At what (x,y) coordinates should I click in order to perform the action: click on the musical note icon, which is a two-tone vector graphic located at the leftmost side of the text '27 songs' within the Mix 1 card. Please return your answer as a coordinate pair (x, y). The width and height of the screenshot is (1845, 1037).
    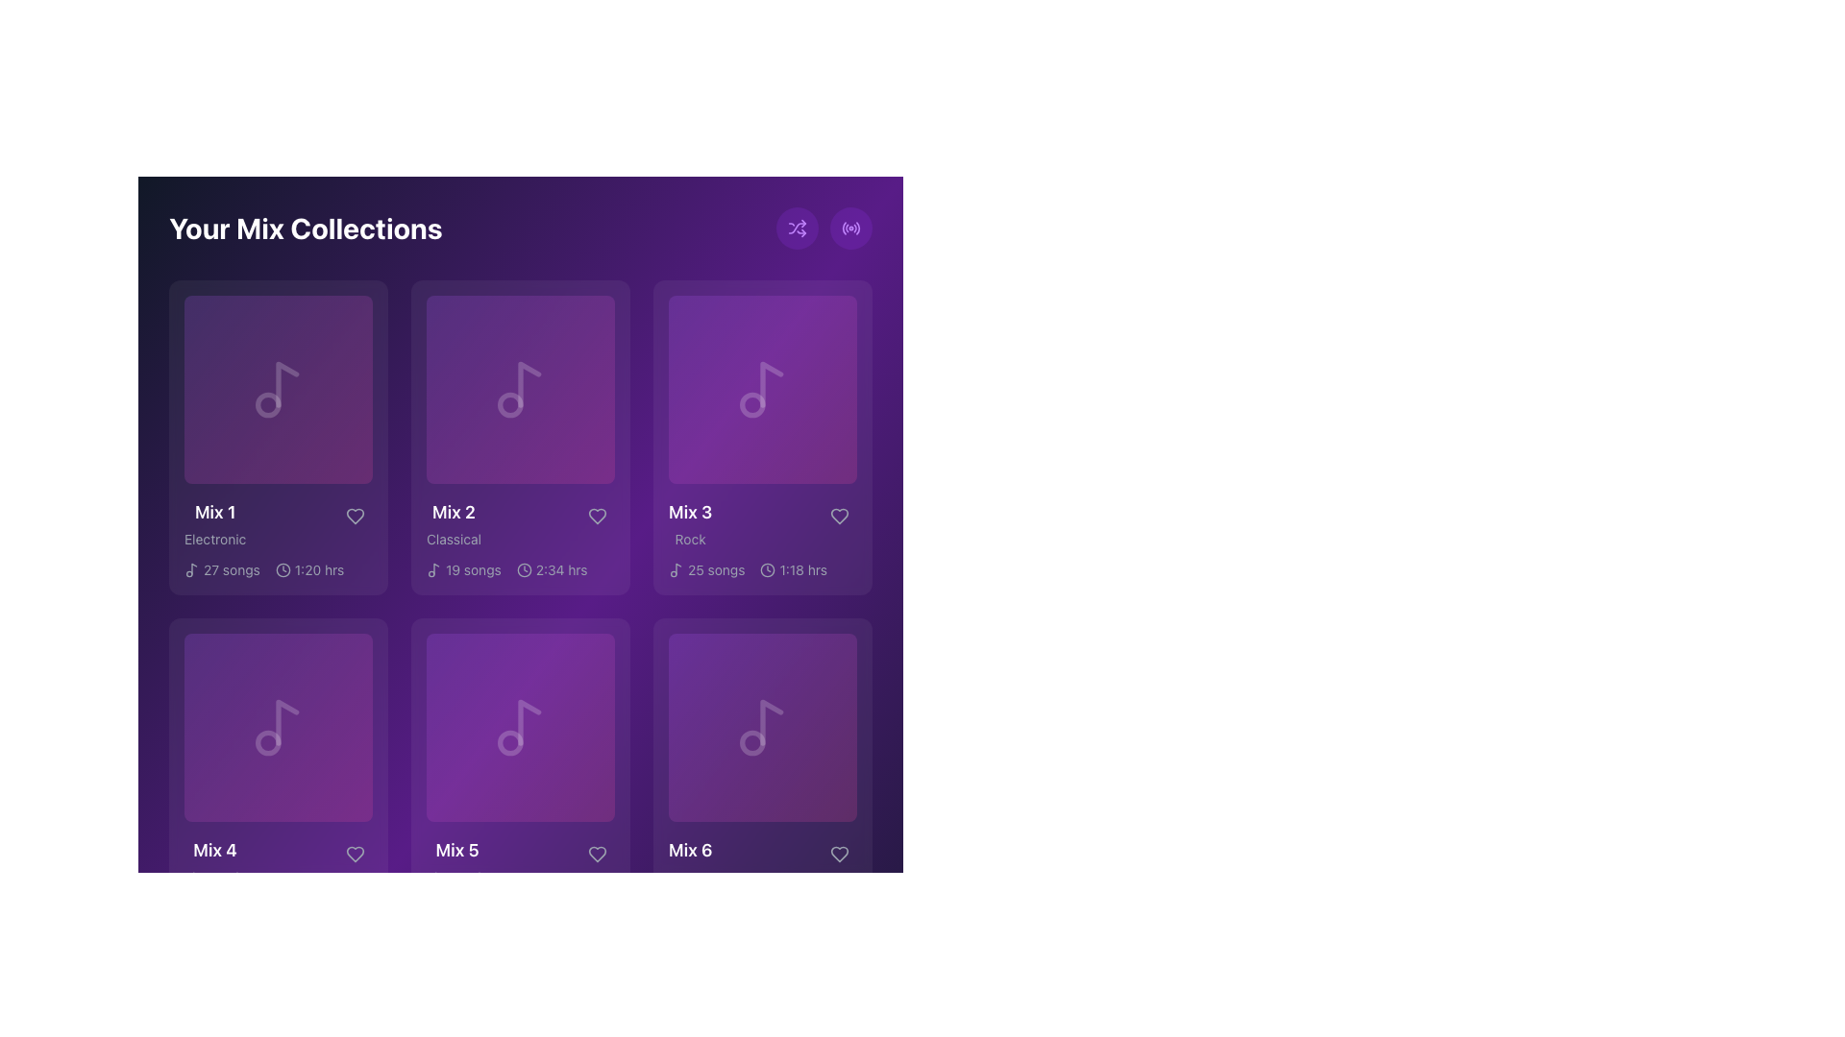
    Looking at the image, I should click on (192, 569).